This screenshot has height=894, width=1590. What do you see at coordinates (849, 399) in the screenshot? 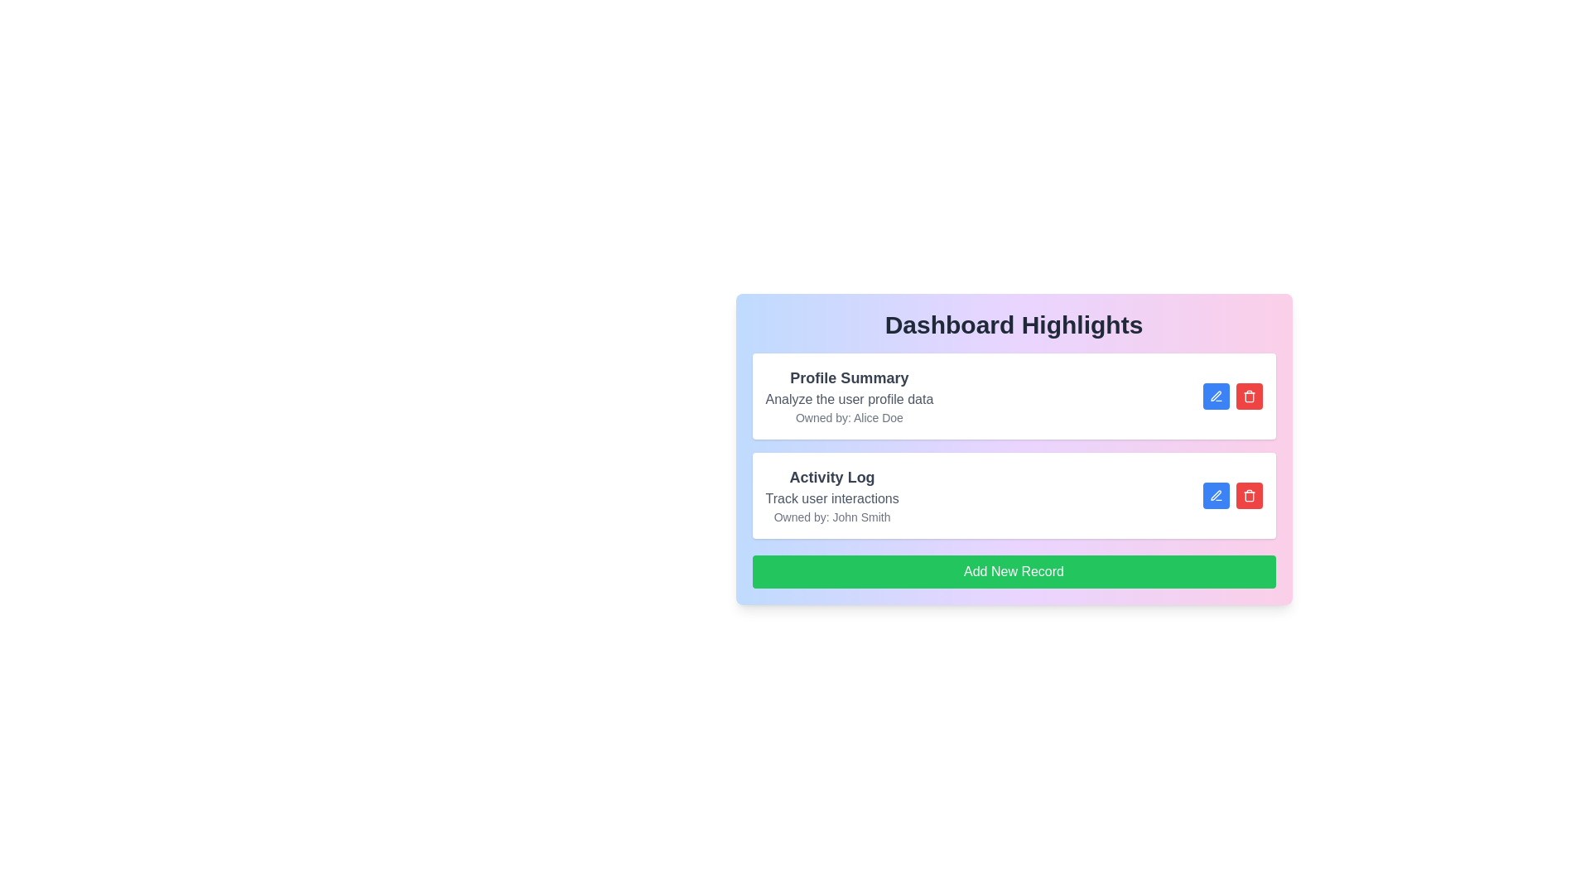
I see `text of the descriptive text label located between the title 'Profile Summary' and the text 'Owned by: Alice Doe'` at bounding box center [849, 399].